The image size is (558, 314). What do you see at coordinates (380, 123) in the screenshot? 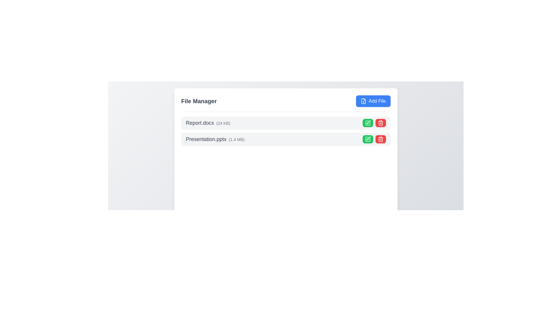
I see `the trash icon button located to the right of the 'Presentation.pptx' file listing` at bounding box center [380, 123].